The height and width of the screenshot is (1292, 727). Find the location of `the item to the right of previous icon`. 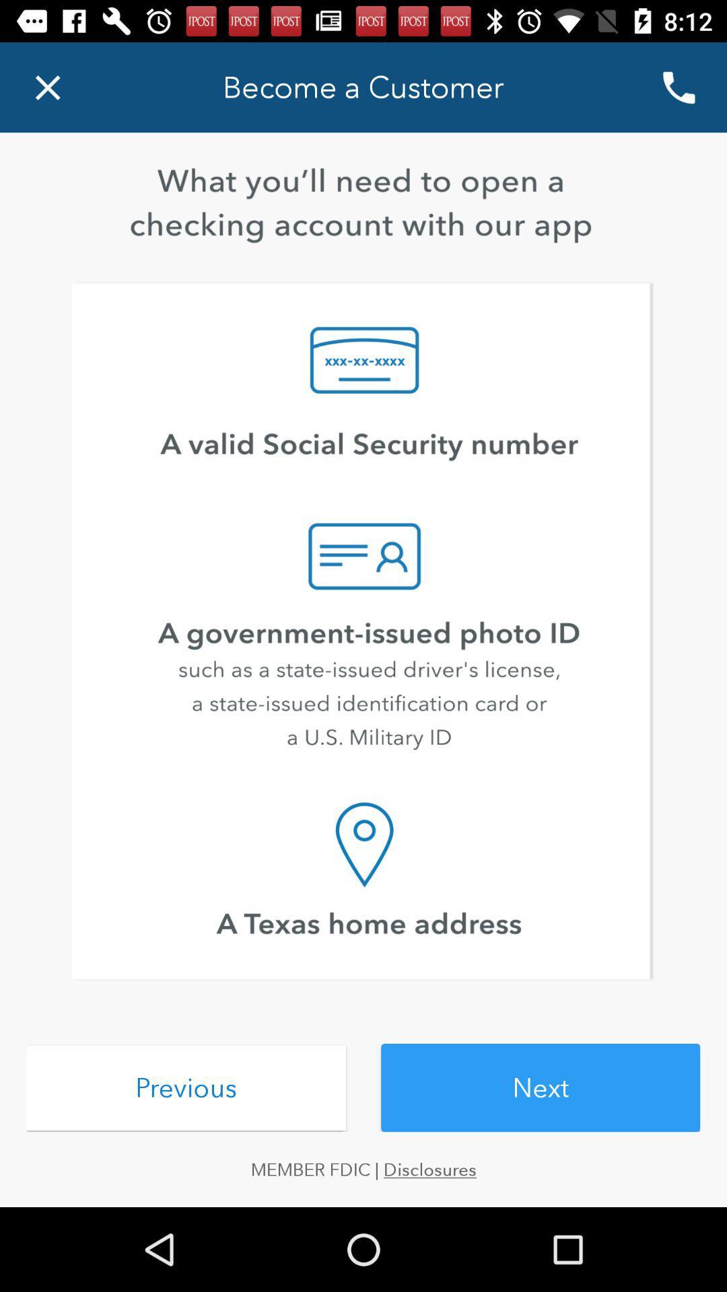

the item to the right of previous icon is located at coordinates (540, 1087).